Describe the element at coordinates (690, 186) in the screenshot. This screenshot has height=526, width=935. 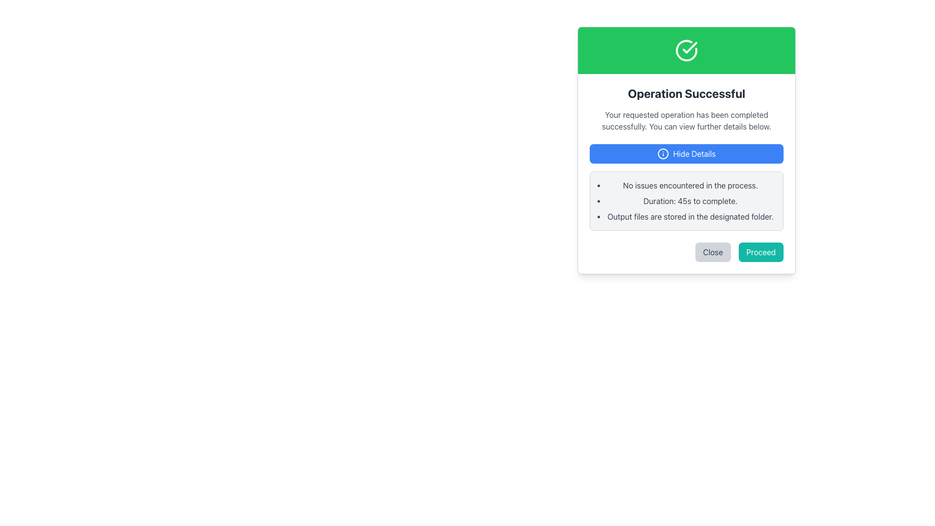
I see `the static text displaying 'No issues encountered in the process.', which is the first item in a bulleted list within a success message dialog box` at that location.